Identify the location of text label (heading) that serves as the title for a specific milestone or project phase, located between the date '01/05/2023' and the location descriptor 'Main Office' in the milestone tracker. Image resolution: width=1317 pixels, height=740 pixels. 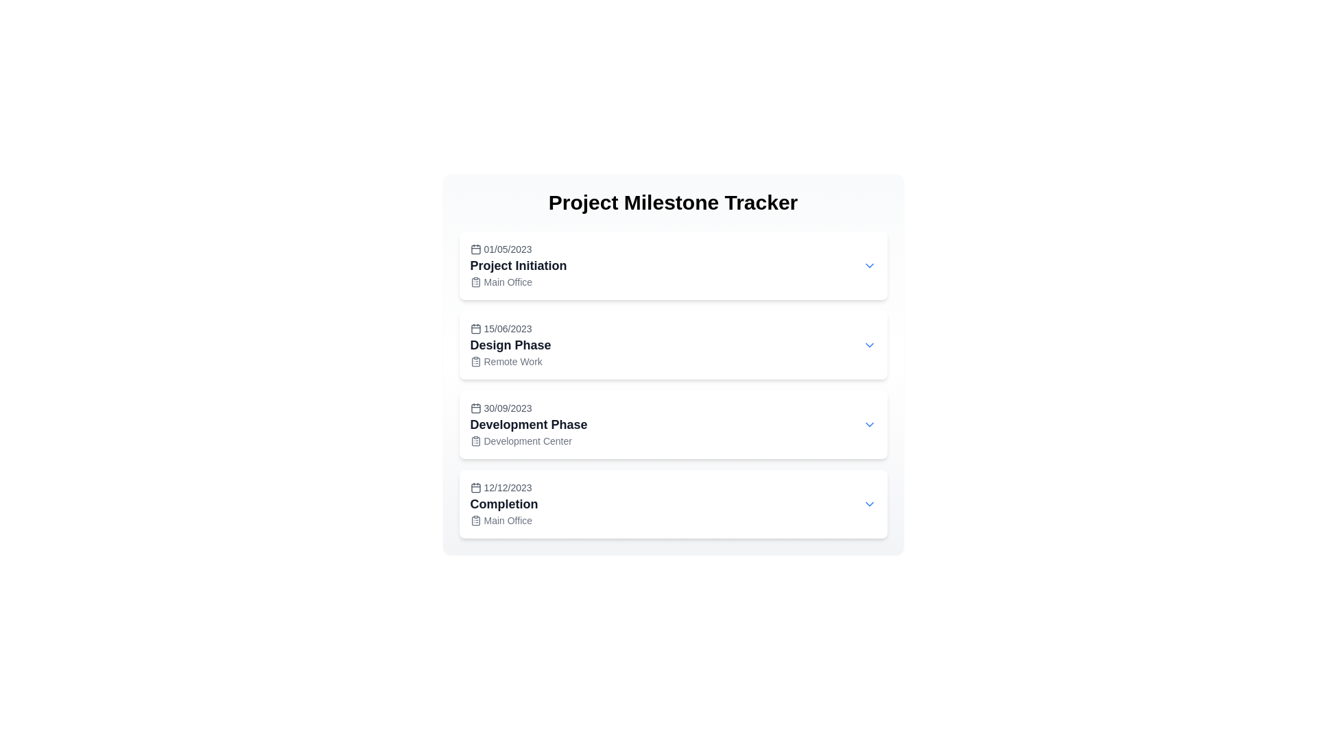
(518, 266).